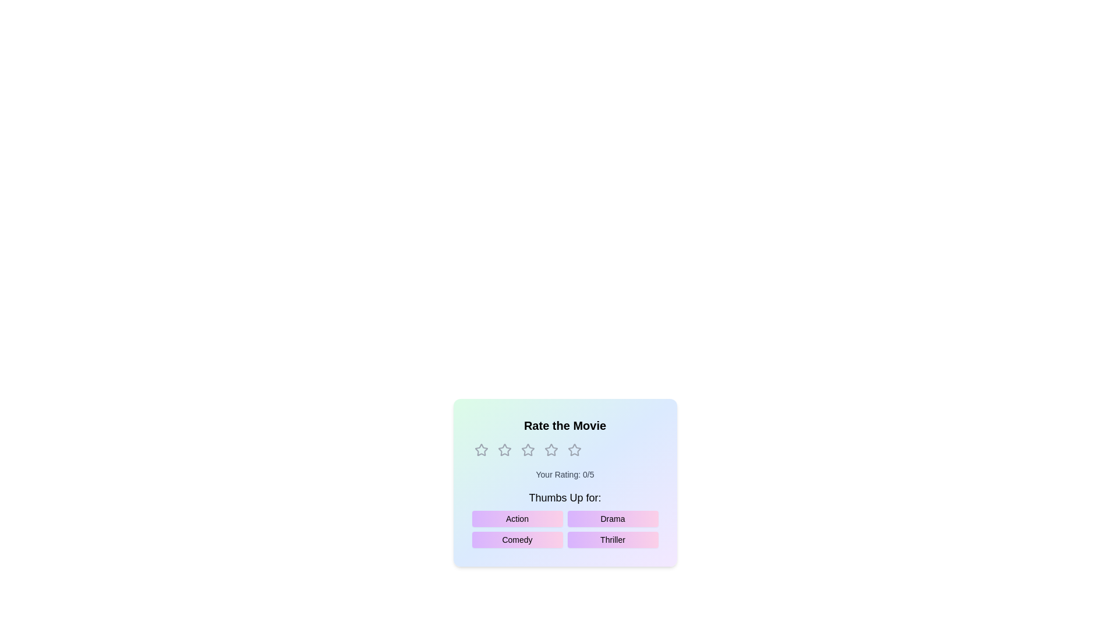 The width and height of the screenshot is (1118, 629). I want to click on the Drama button, so click(612, 518).